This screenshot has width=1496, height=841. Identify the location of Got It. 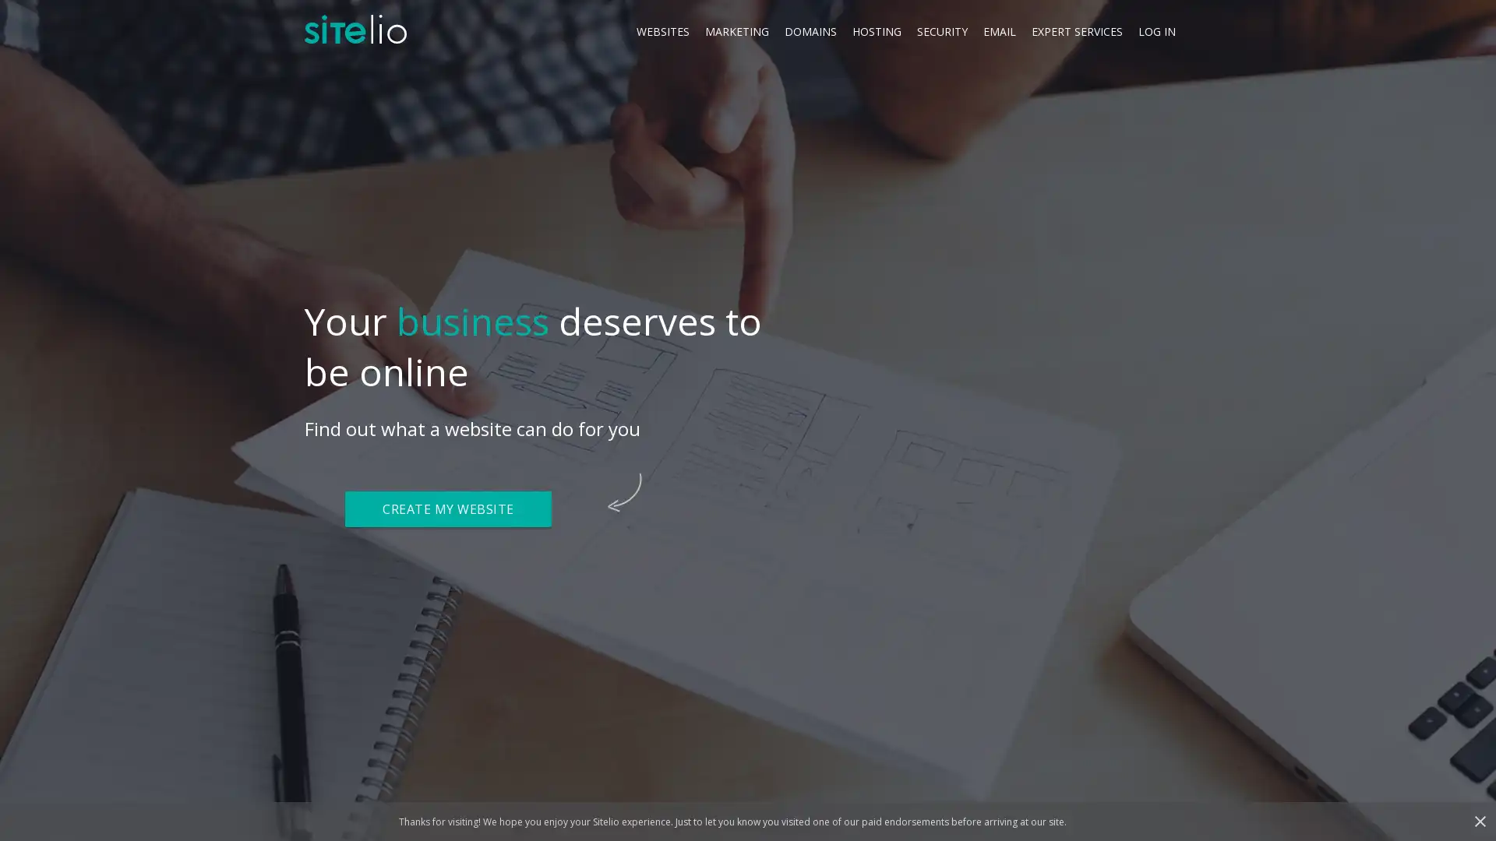
(158, 738).